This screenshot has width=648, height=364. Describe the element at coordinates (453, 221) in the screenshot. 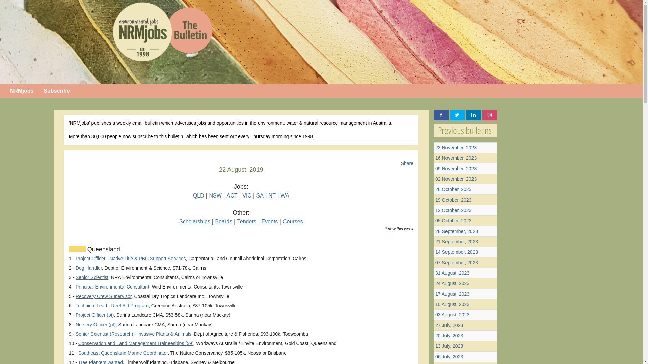

I see `'05 October, 2023'` at that location.